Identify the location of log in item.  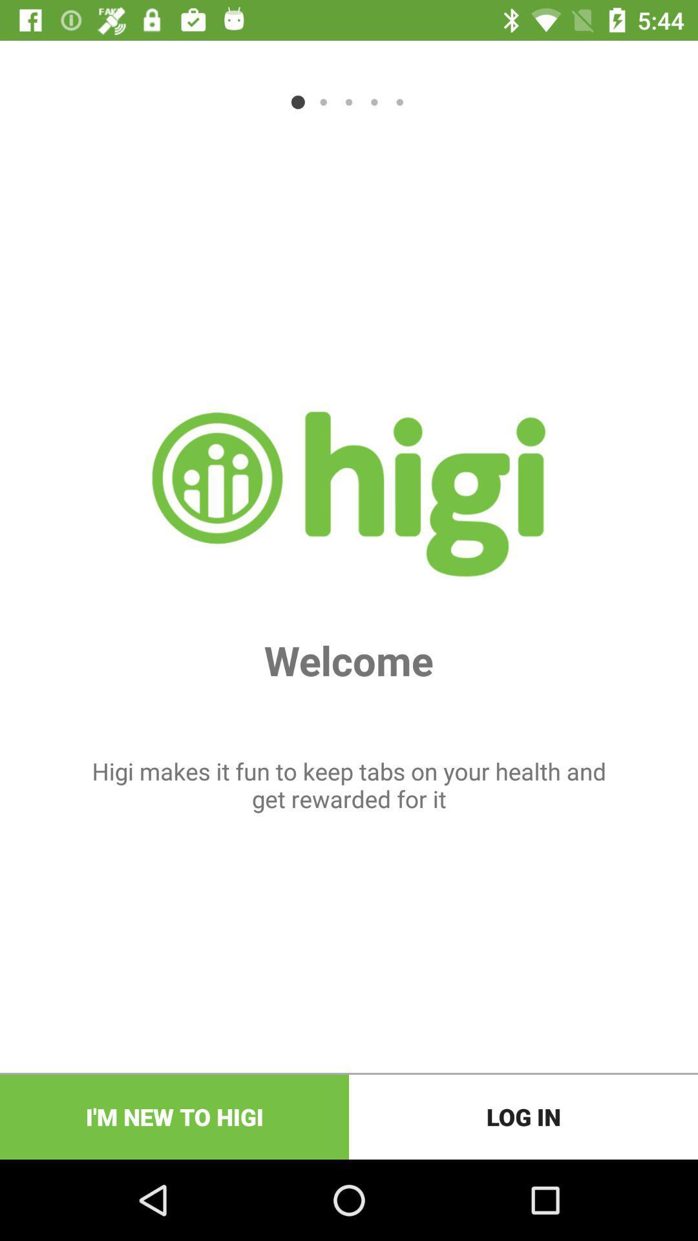
(523, 1116).